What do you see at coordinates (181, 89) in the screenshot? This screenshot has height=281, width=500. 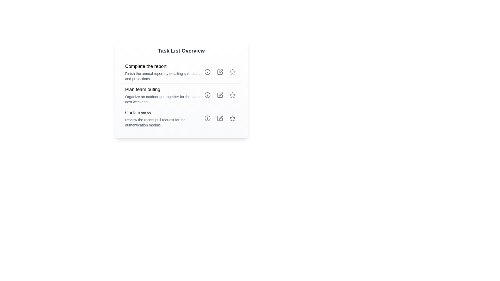 I see `the second Task List Item, which represents an individual task with a title and description, positioned centrally below 'Complete the report' and above 'Code review'` at bounding box center [181, 89].